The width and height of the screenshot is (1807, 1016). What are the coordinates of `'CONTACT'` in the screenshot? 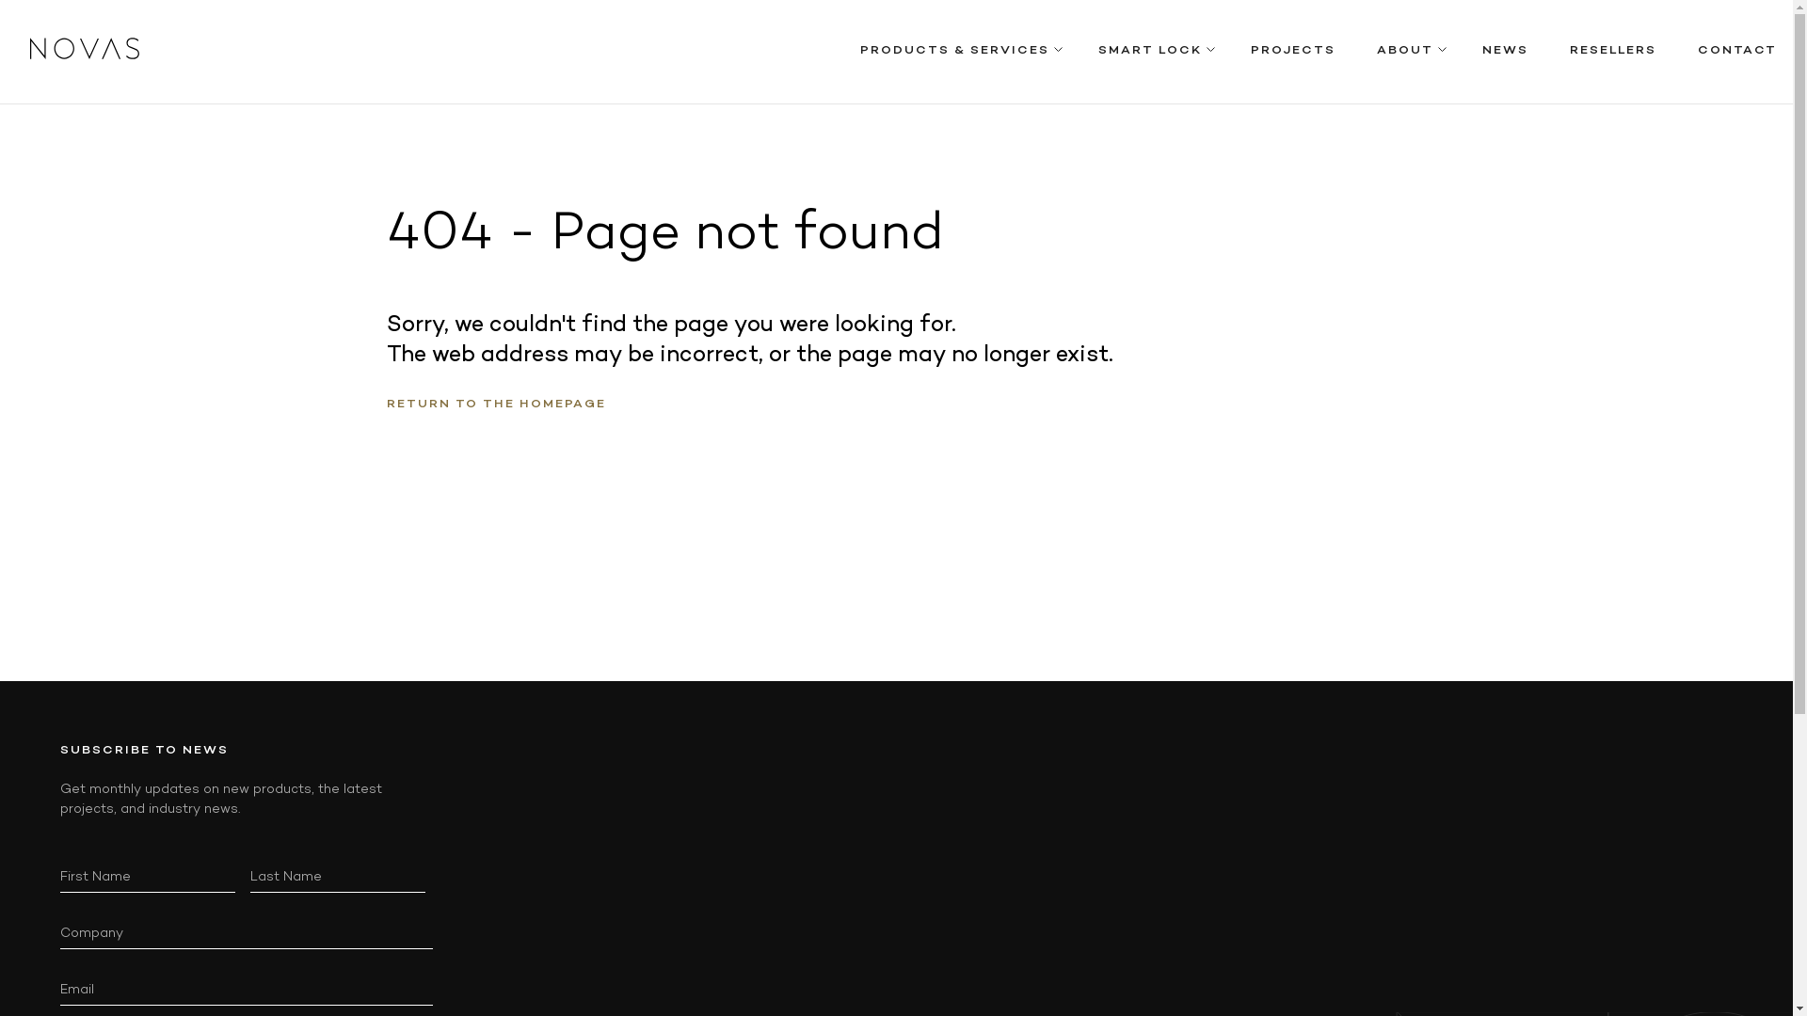 It's located at (1736, 51).